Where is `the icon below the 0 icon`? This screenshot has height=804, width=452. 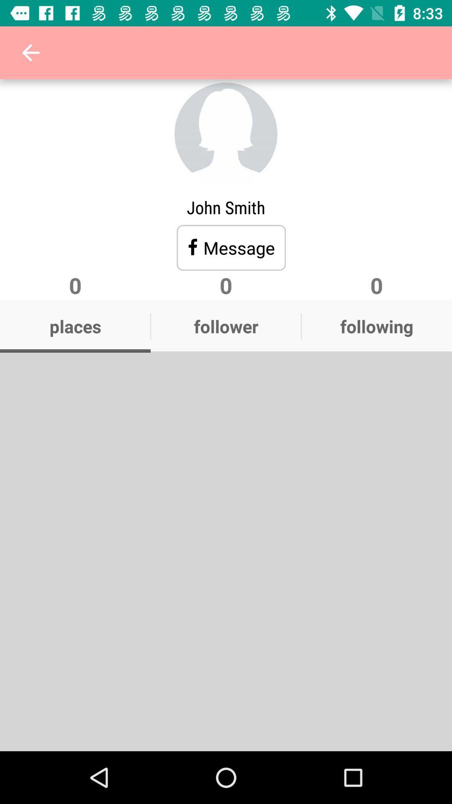 the icon below the 0 icon is located at coordinates (226, 326).